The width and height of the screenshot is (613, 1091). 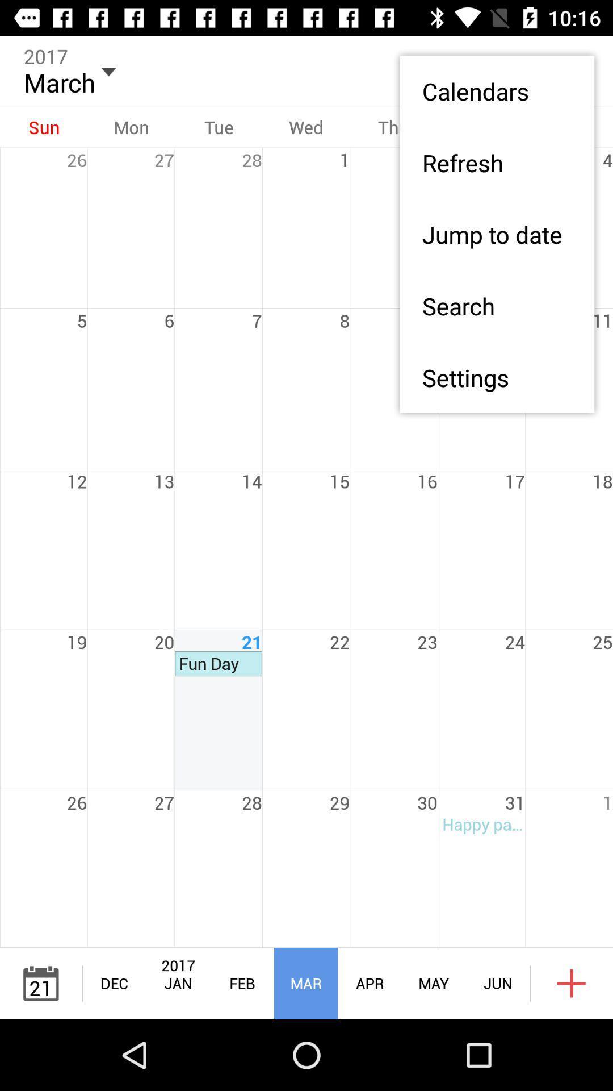 What do you see at coordinates (496, 377) in the screenshot?
I see `the settings item` at bounding box center [496, 377].